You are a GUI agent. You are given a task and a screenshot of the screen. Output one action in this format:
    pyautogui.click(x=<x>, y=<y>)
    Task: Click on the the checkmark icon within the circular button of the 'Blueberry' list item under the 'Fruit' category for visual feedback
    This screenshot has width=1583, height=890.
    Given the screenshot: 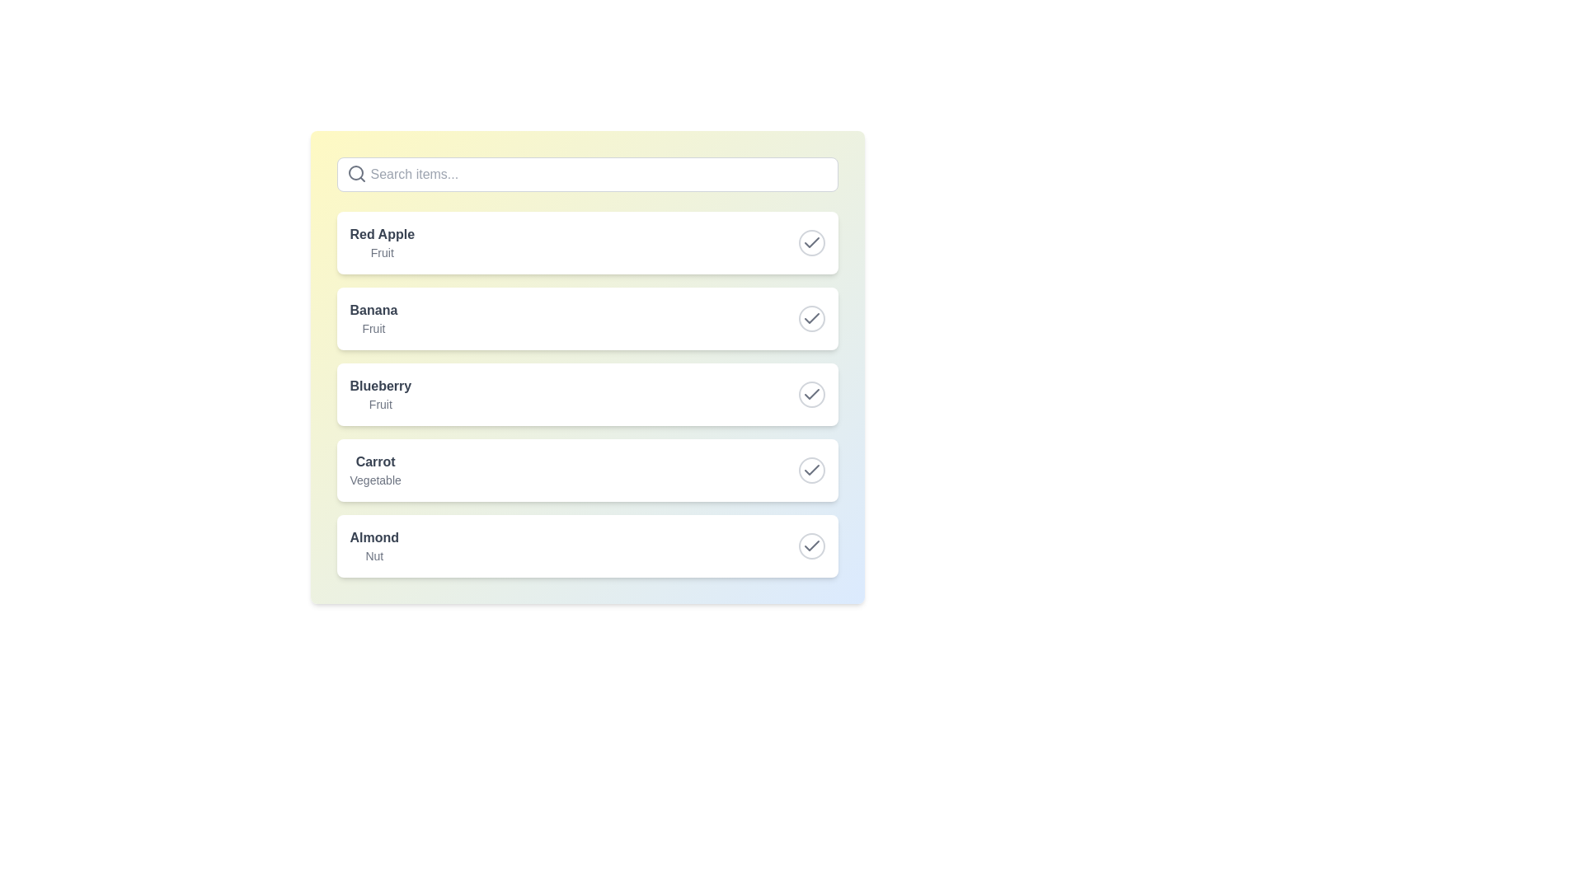 What is the action you would take?
    pyautogui.click(x=811, y=394)
    